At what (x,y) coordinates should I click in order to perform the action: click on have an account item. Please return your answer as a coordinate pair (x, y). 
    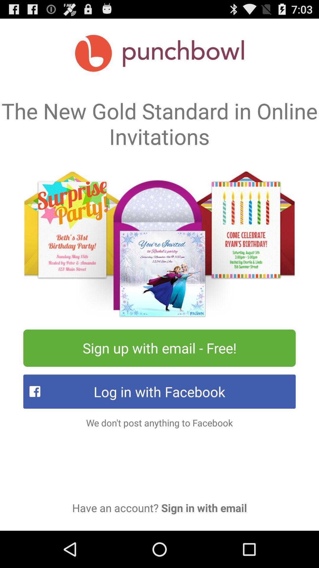
    Looking at the image, I should click on (159, 507).